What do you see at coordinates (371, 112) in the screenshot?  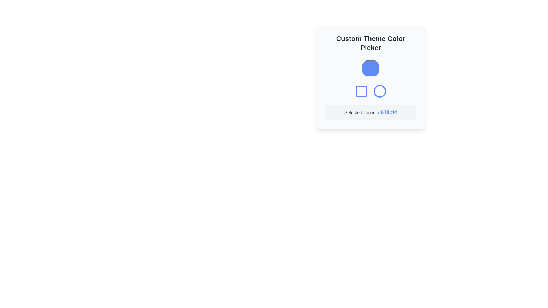 I see `the information display text element that shows 'Selected Color:#618bf4' with a blue color on a light gray background, located at the bottom of the 'Custom Theme Color Picker' card` at bounding box center [371, 112].